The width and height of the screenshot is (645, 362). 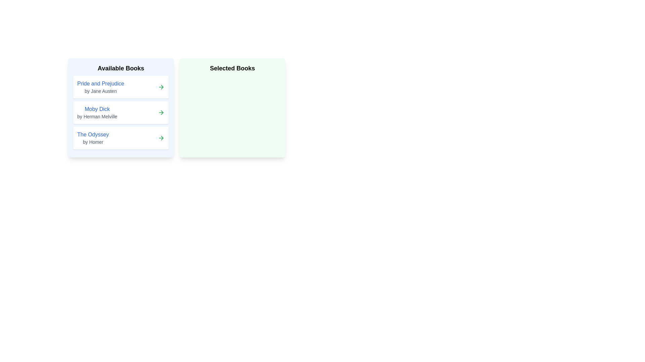 What do you see at coordinates (93, 134) in the screenshot?
I see `book title label for 'The Odyssey', which is the third entry in the 'Available Books' list, positioned below 'Moby Dick' and above the 'by Homer' subtitle` at bounding box center [93, 134].